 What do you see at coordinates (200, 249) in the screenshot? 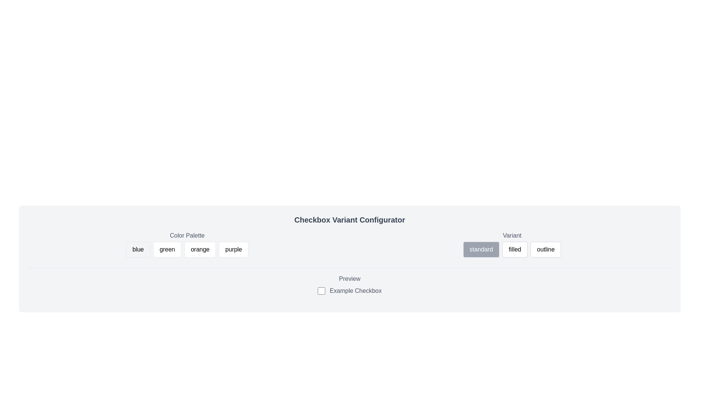
I see `the button labeled 'orange' with a white background and grey border` at bounding box center [200, 249].